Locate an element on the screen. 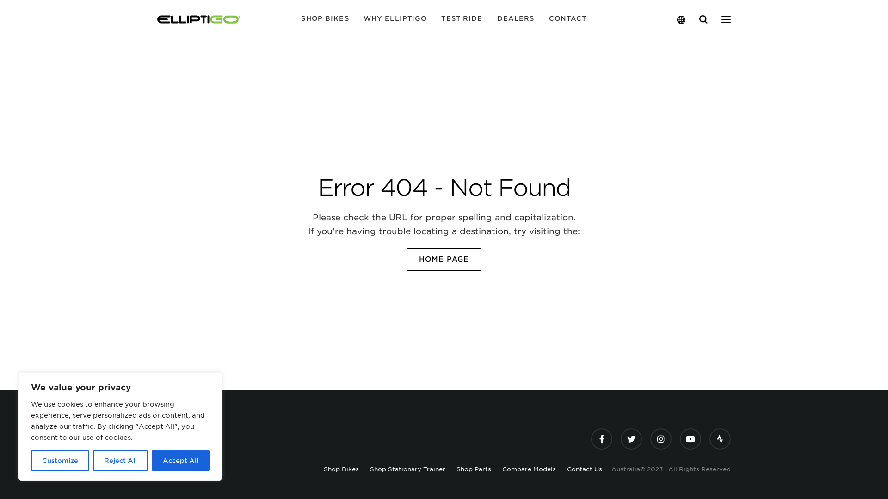 The width and height of the screenshot is (888, 499). 'Shop Bikes' is located at coordinates (324, 469).